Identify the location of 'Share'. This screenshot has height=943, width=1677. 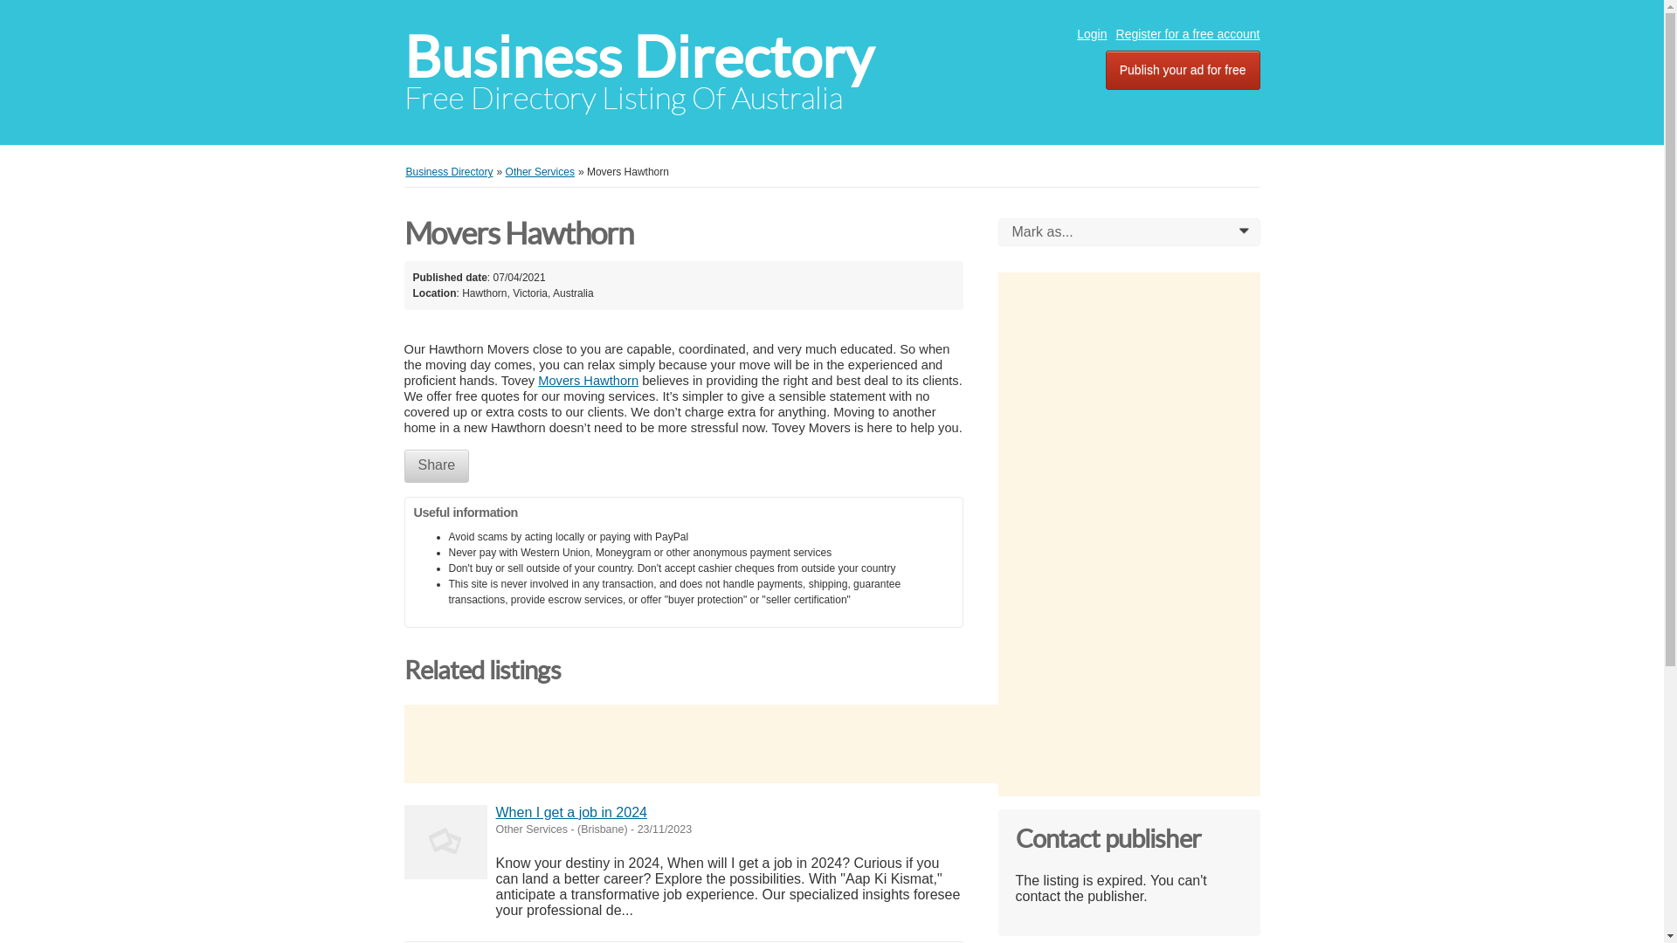
(436, 465).